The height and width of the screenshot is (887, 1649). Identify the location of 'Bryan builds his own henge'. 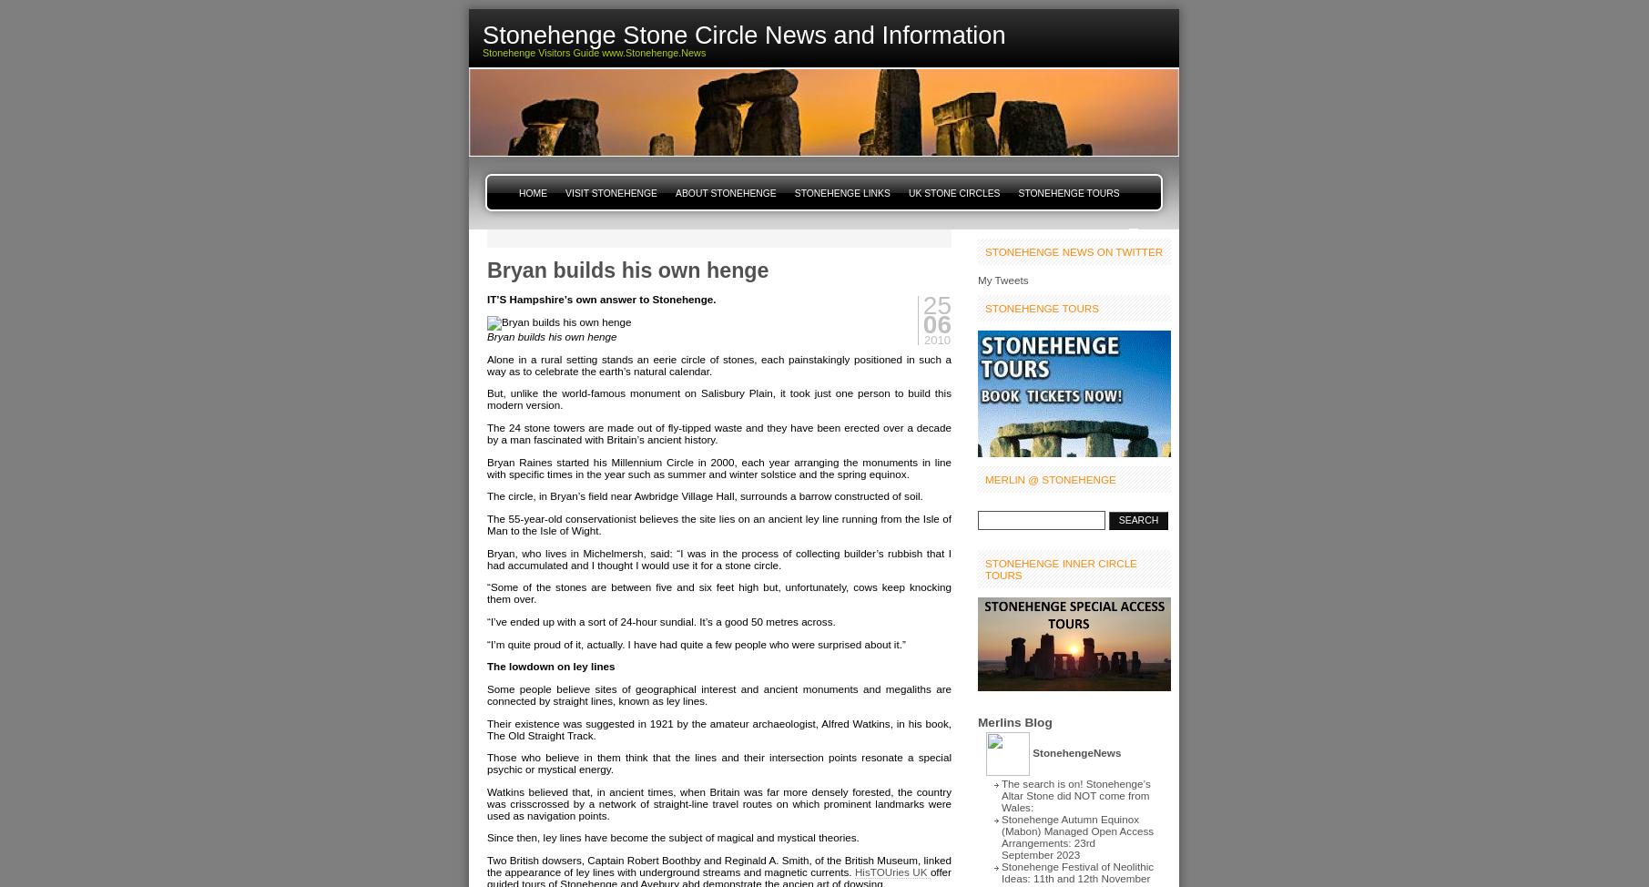
(485, 335).